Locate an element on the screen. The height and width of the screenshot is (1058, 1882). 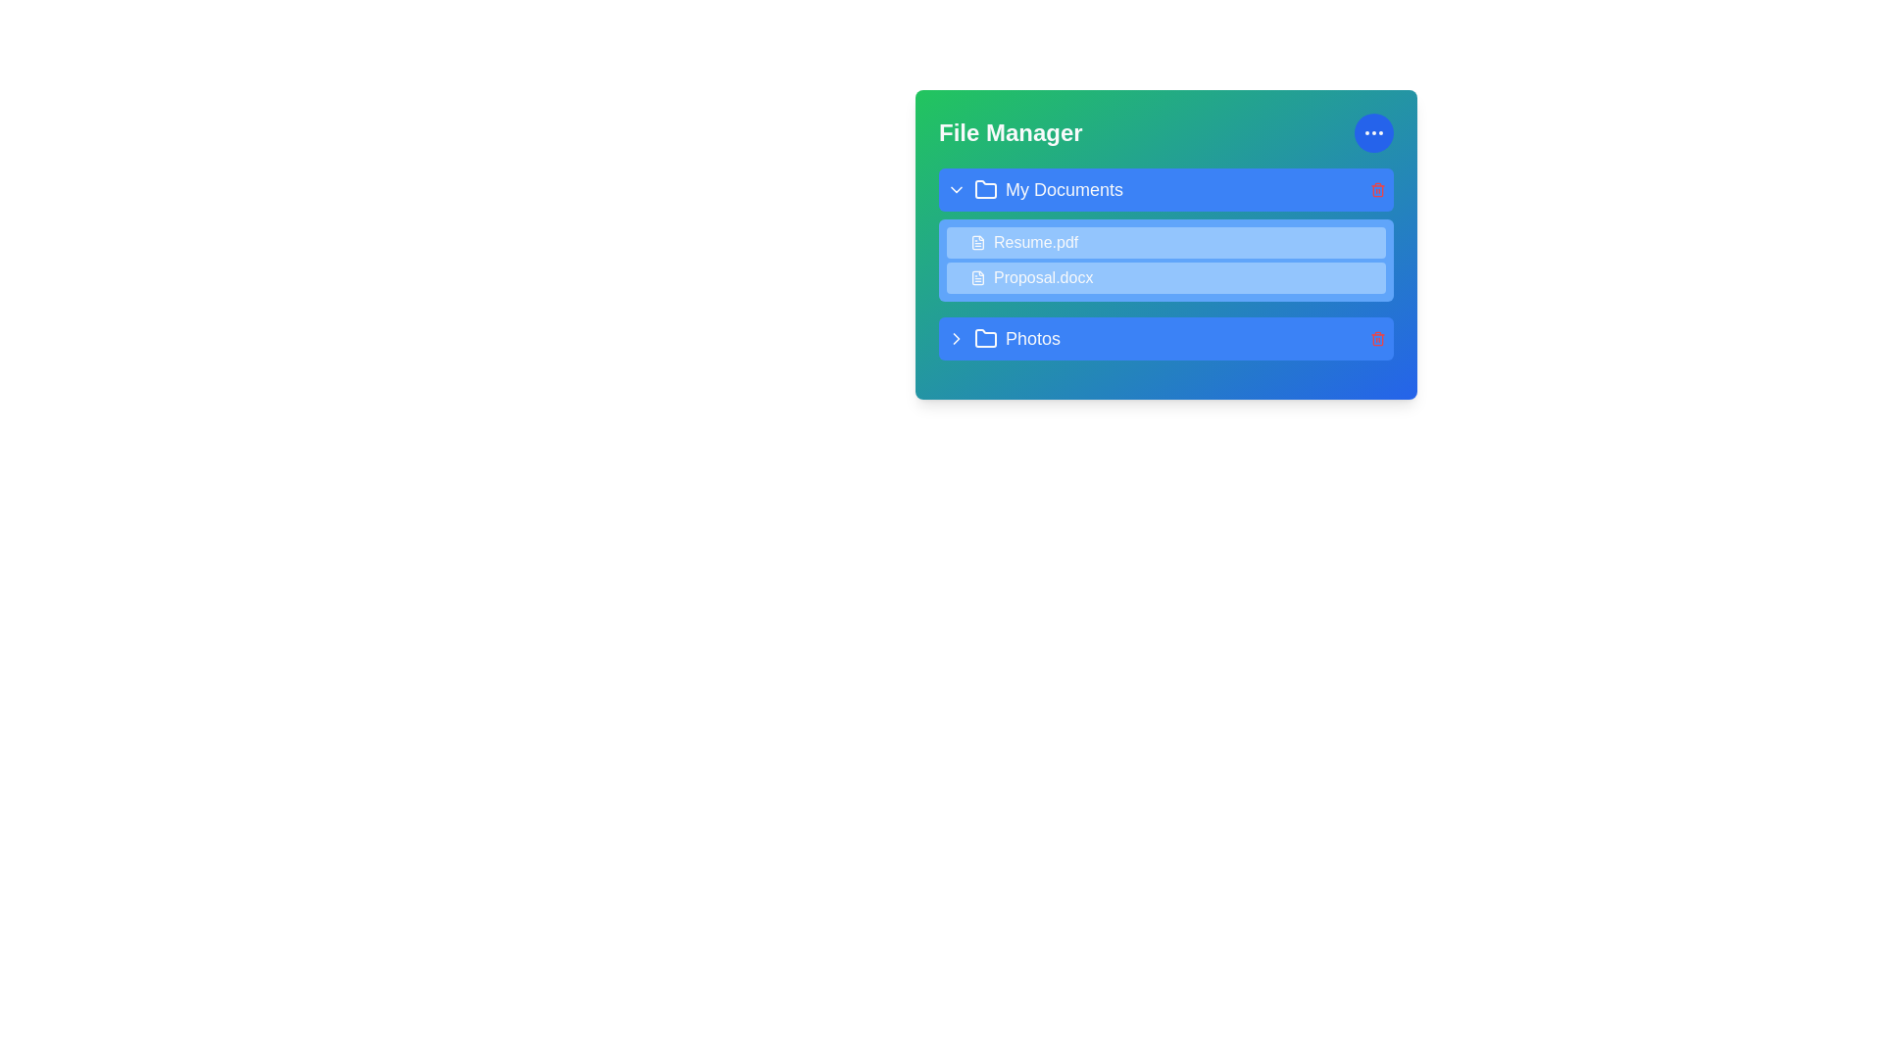
the file type icon representing 'Resume.pdf' located on the left side of its row is located at coordinates (978, 241).